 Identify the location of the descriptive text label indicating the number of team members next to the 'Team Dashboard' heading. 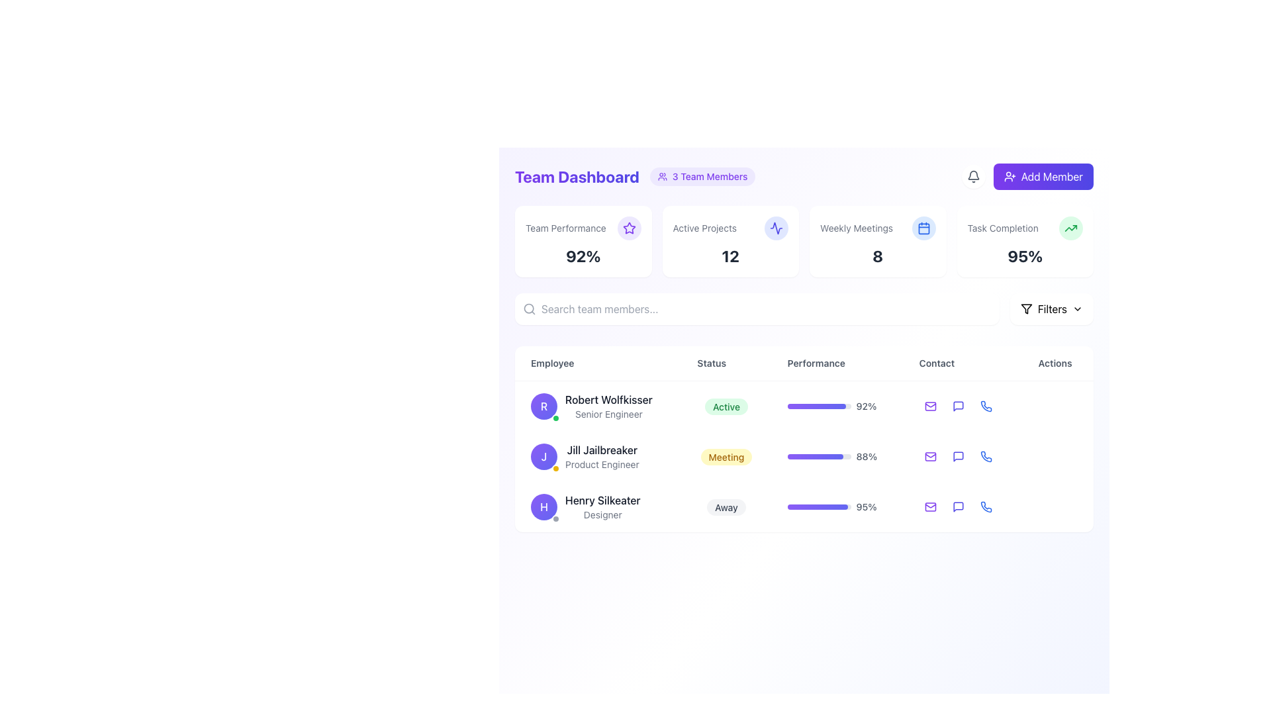
(709, 175).